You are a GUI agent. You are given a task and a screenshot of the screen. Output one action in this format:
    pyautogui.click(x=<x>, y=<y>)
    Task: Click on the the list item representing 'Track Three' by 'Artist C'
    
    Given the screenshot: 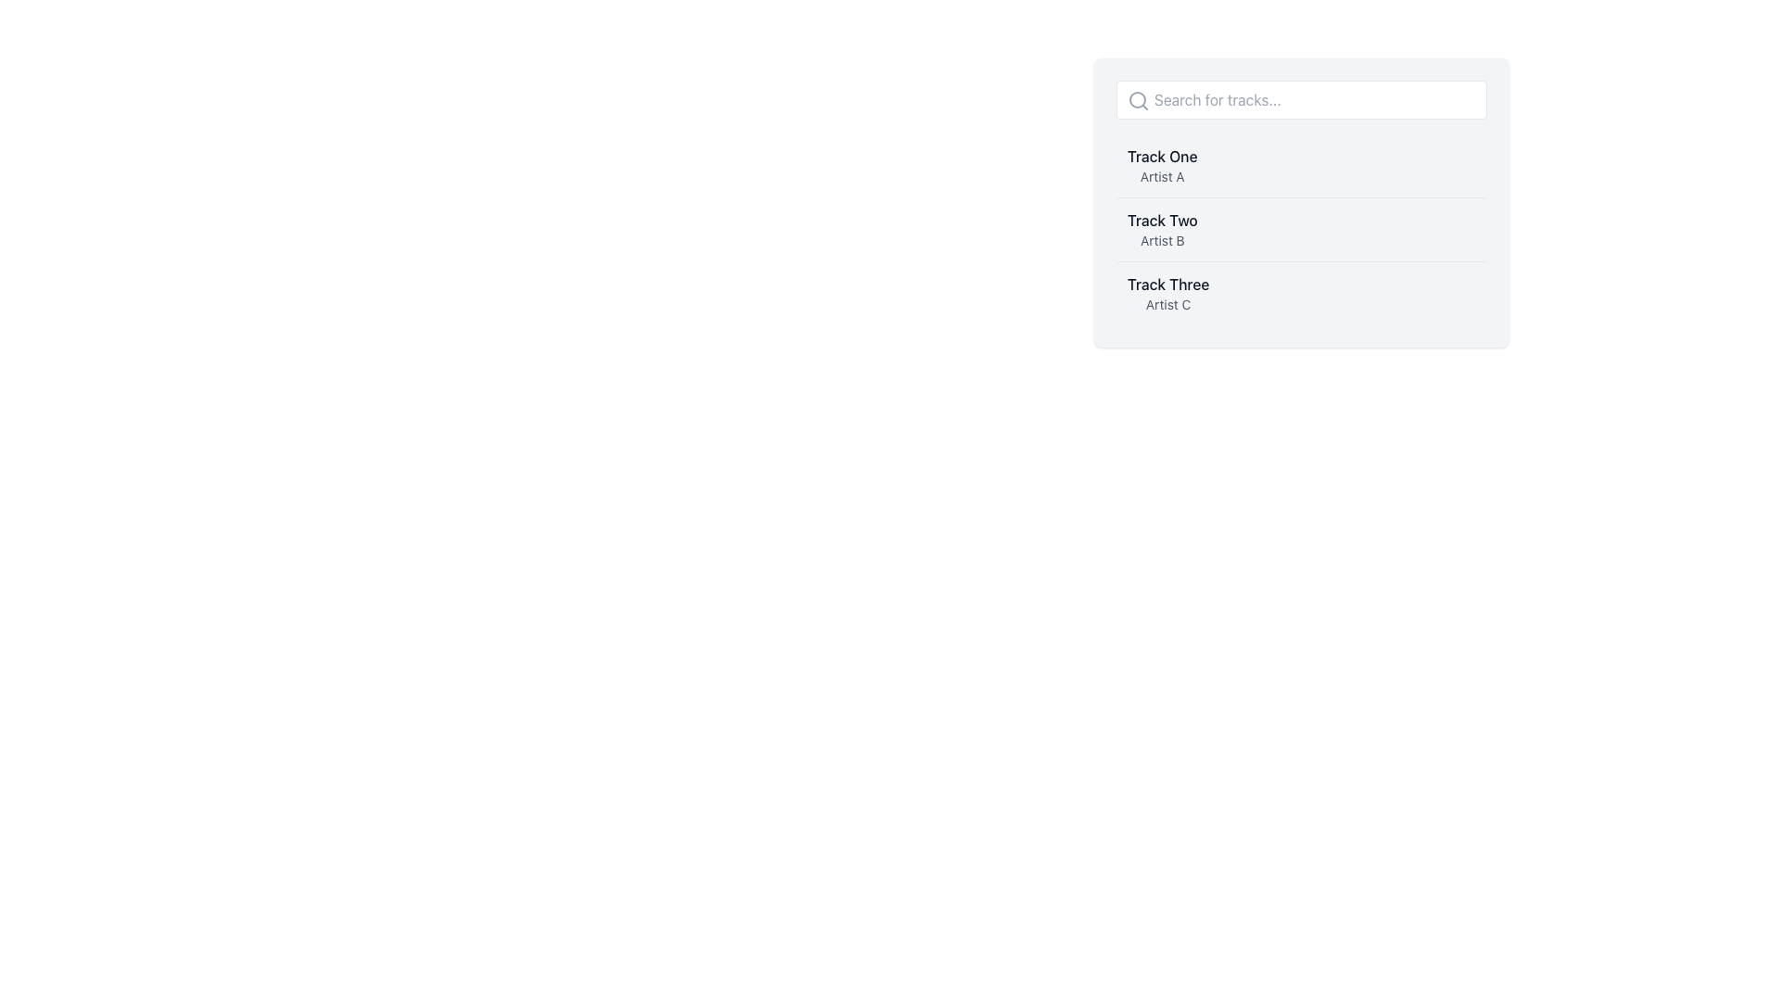 What is the action you would take?
    pyautogui.click(x=1301, y=292)
    